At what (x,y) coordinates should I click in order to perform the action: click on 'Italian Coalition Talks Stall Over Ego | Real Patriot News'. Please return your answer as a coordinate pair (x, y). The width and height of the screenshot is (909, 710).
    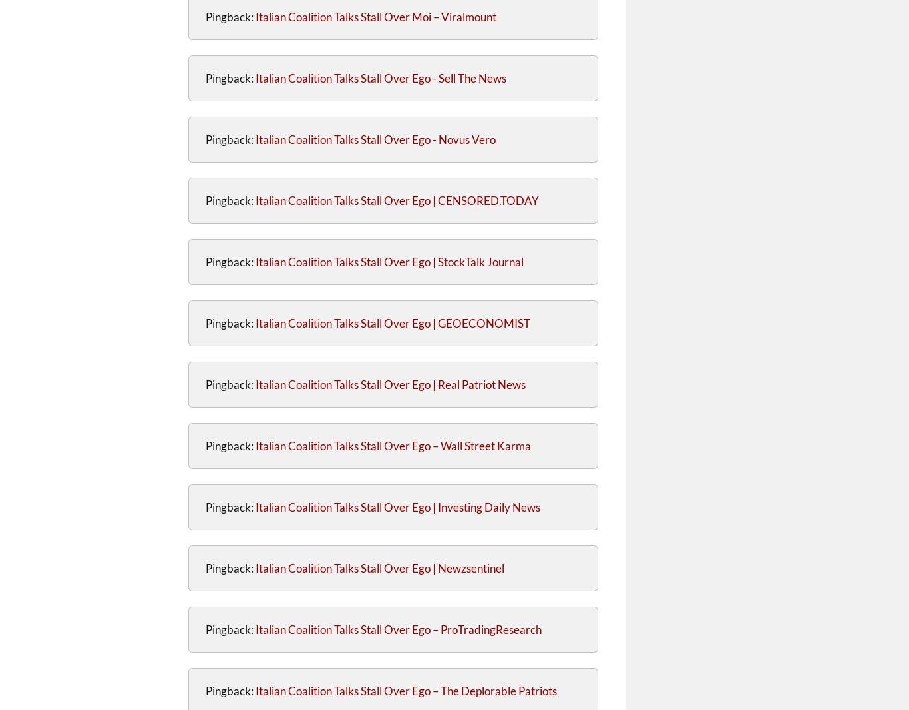
    Looking at the image, I should click on (254, 384).